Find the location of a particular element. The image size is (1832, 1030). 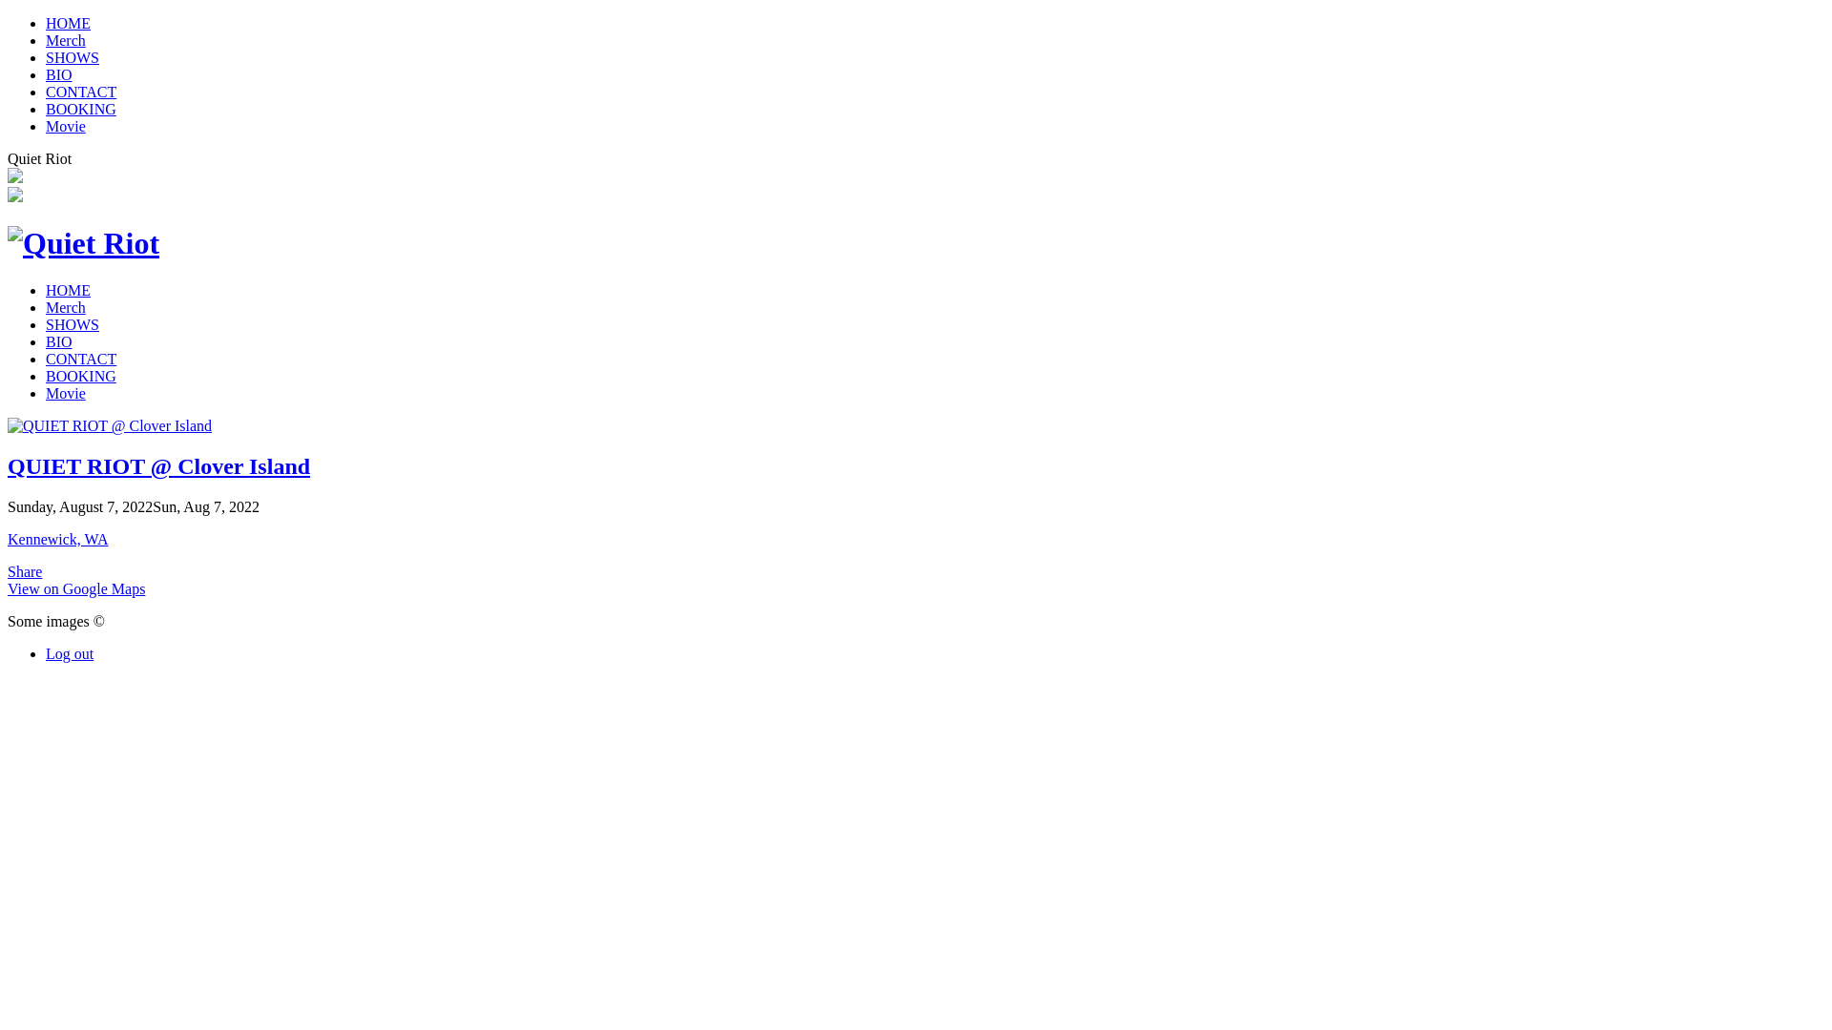

'HOME' is located at coordinates (68, 290).